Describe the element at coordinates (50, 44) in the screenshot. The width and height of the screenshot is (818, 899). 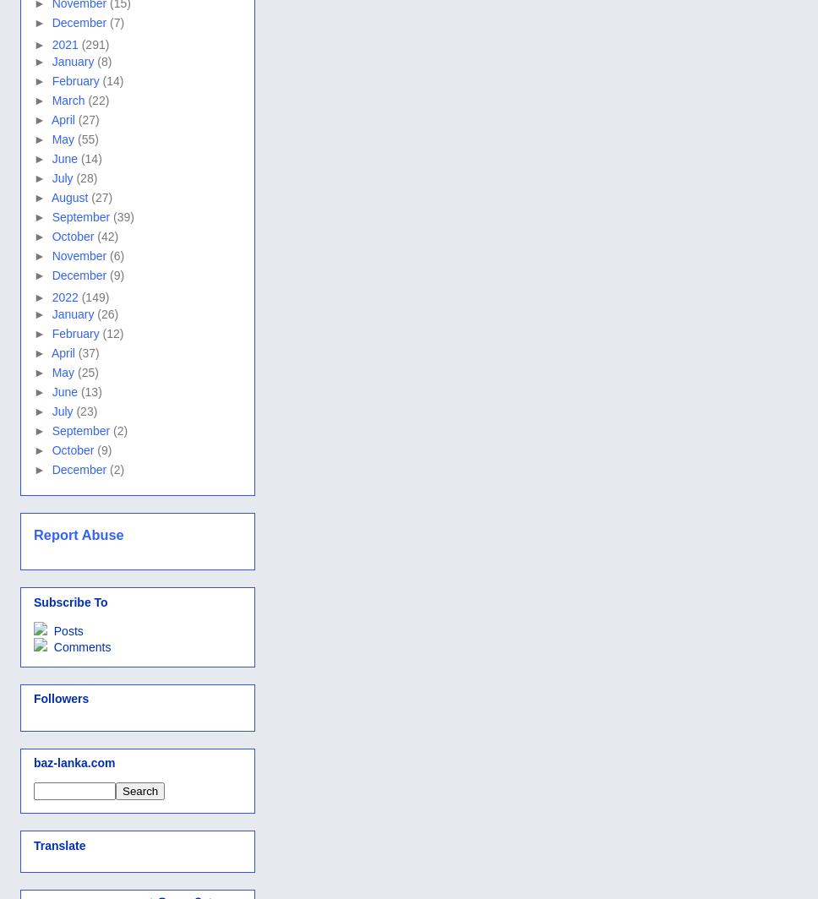
I see `'2021'` at that location.